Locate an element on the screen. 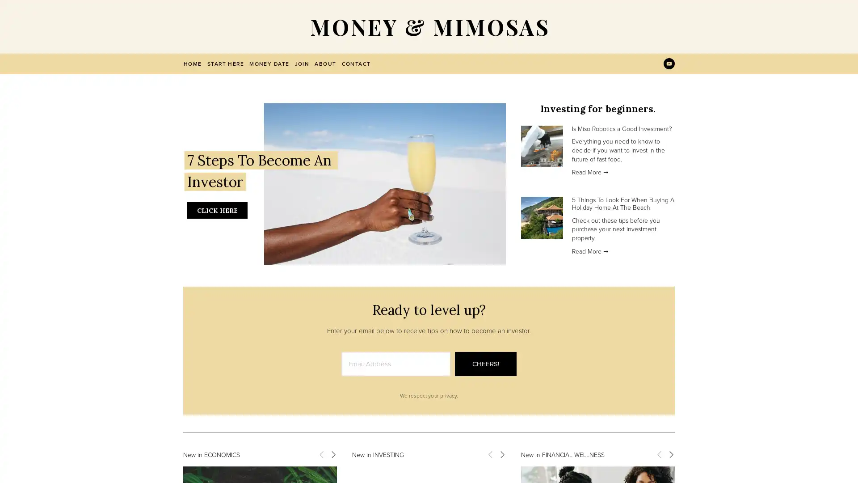 This screenshot has width=858, height=483. CHEERS! is located at coordinates (485, 364).